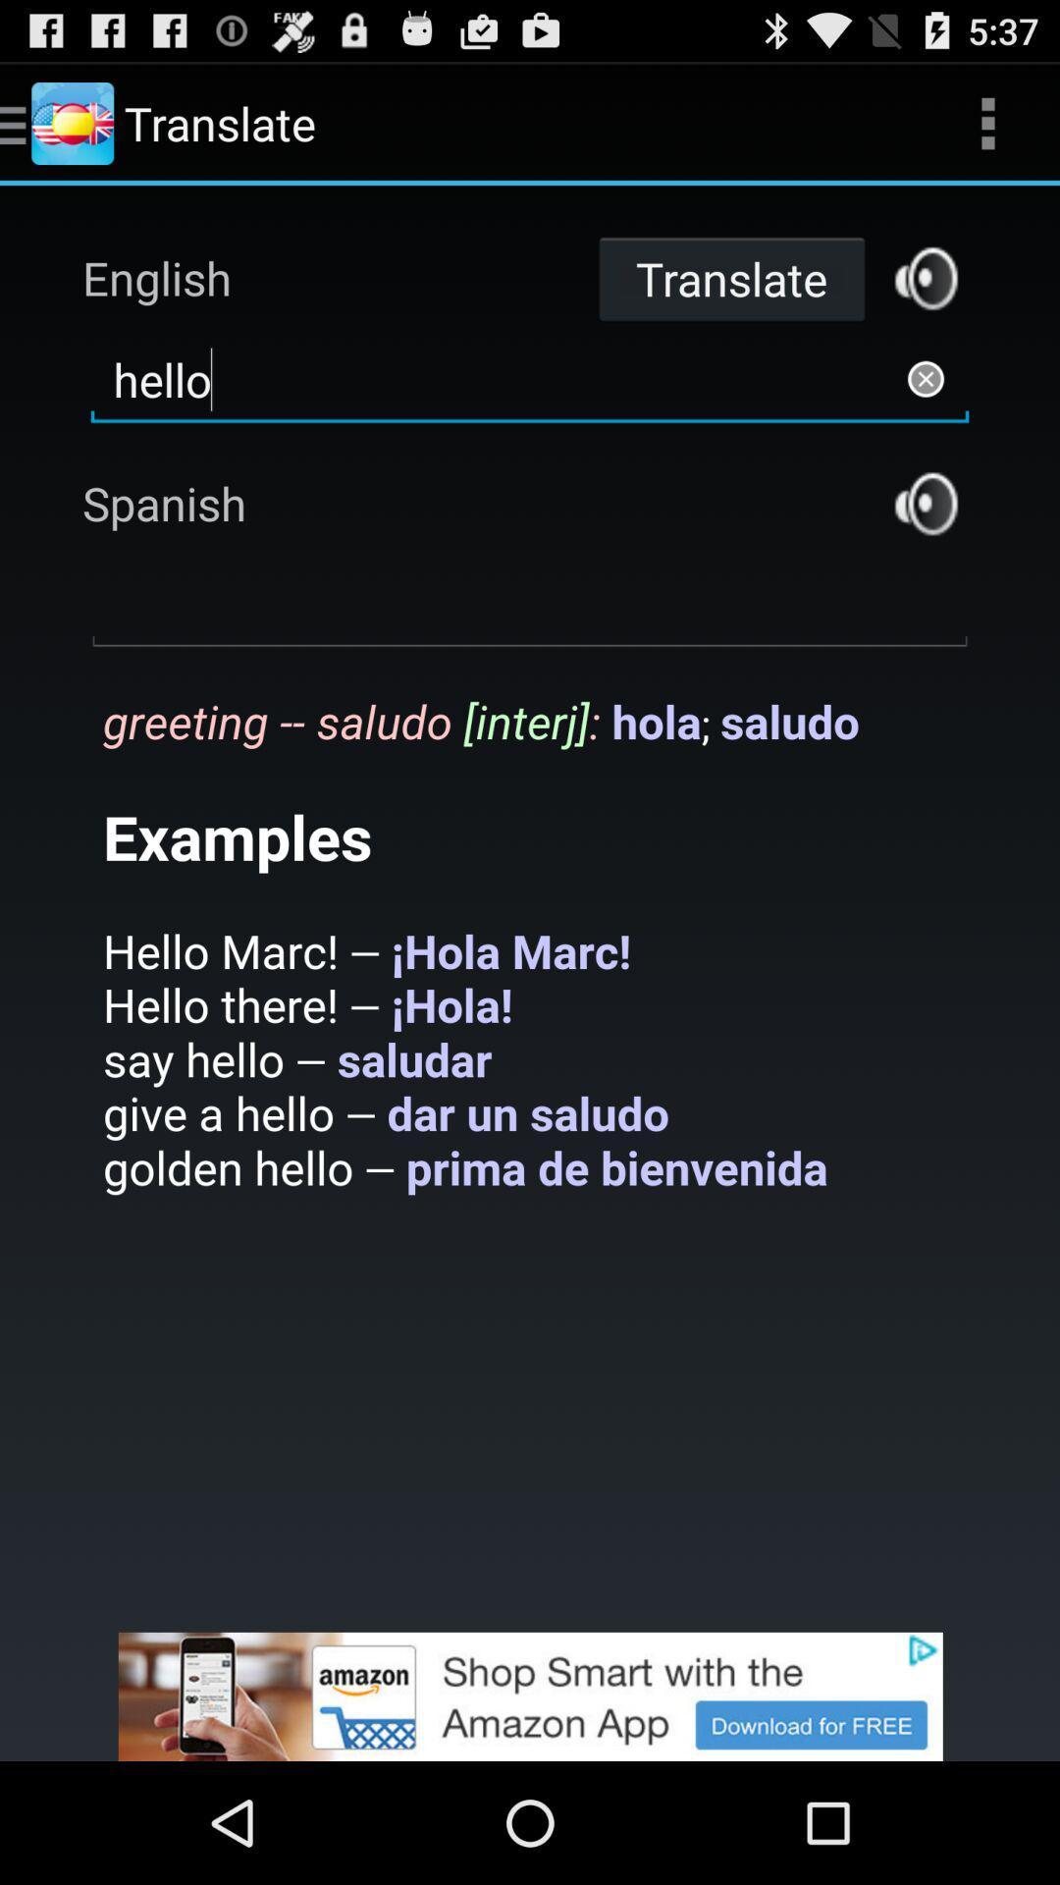 This screenshot has height=1885, width=1060. I want to click on hear, so click(926, 504).